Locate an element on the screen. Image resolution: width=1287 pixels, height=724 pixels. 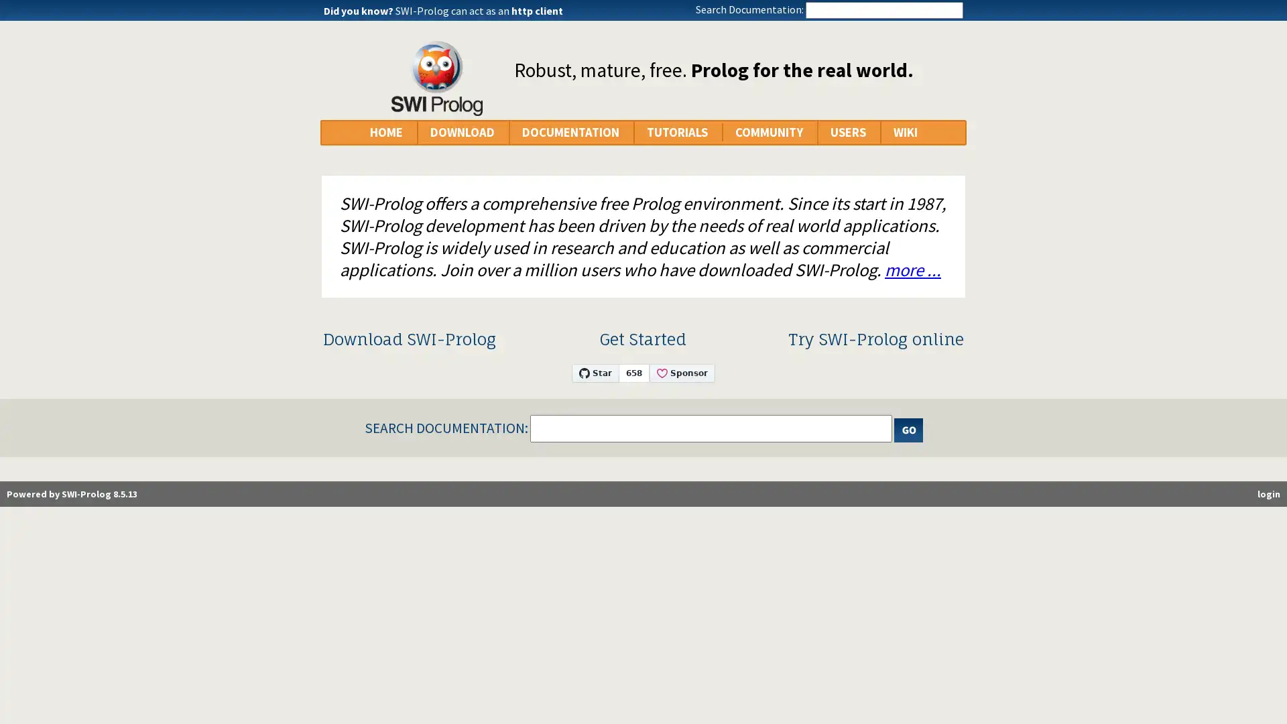
Search is located at coordinates (908, 430).